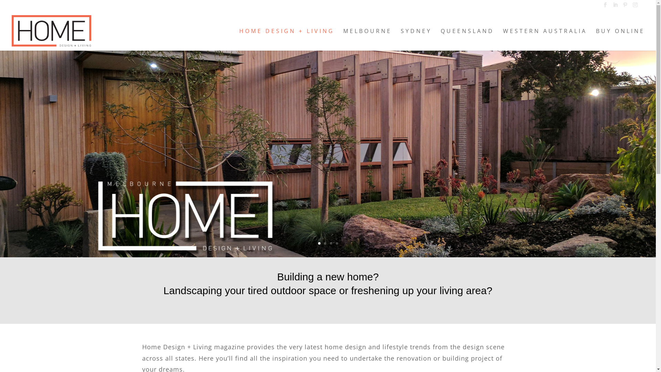 Image resolution: width=661 pixels, height=372 pixels. Describe the element at coordinates (620, 39) in the screenshot. I see `'BUY ONLINE'` at that location.